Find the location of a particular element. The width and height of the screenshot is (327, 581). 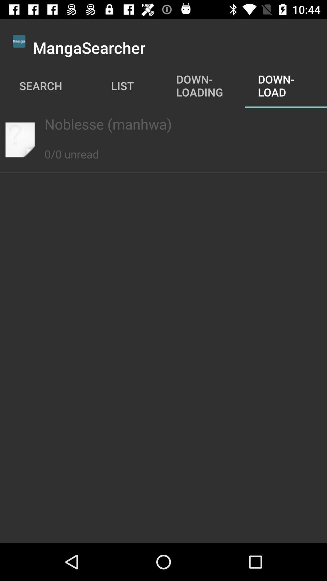

item above the is located at coordinates (163, 123).